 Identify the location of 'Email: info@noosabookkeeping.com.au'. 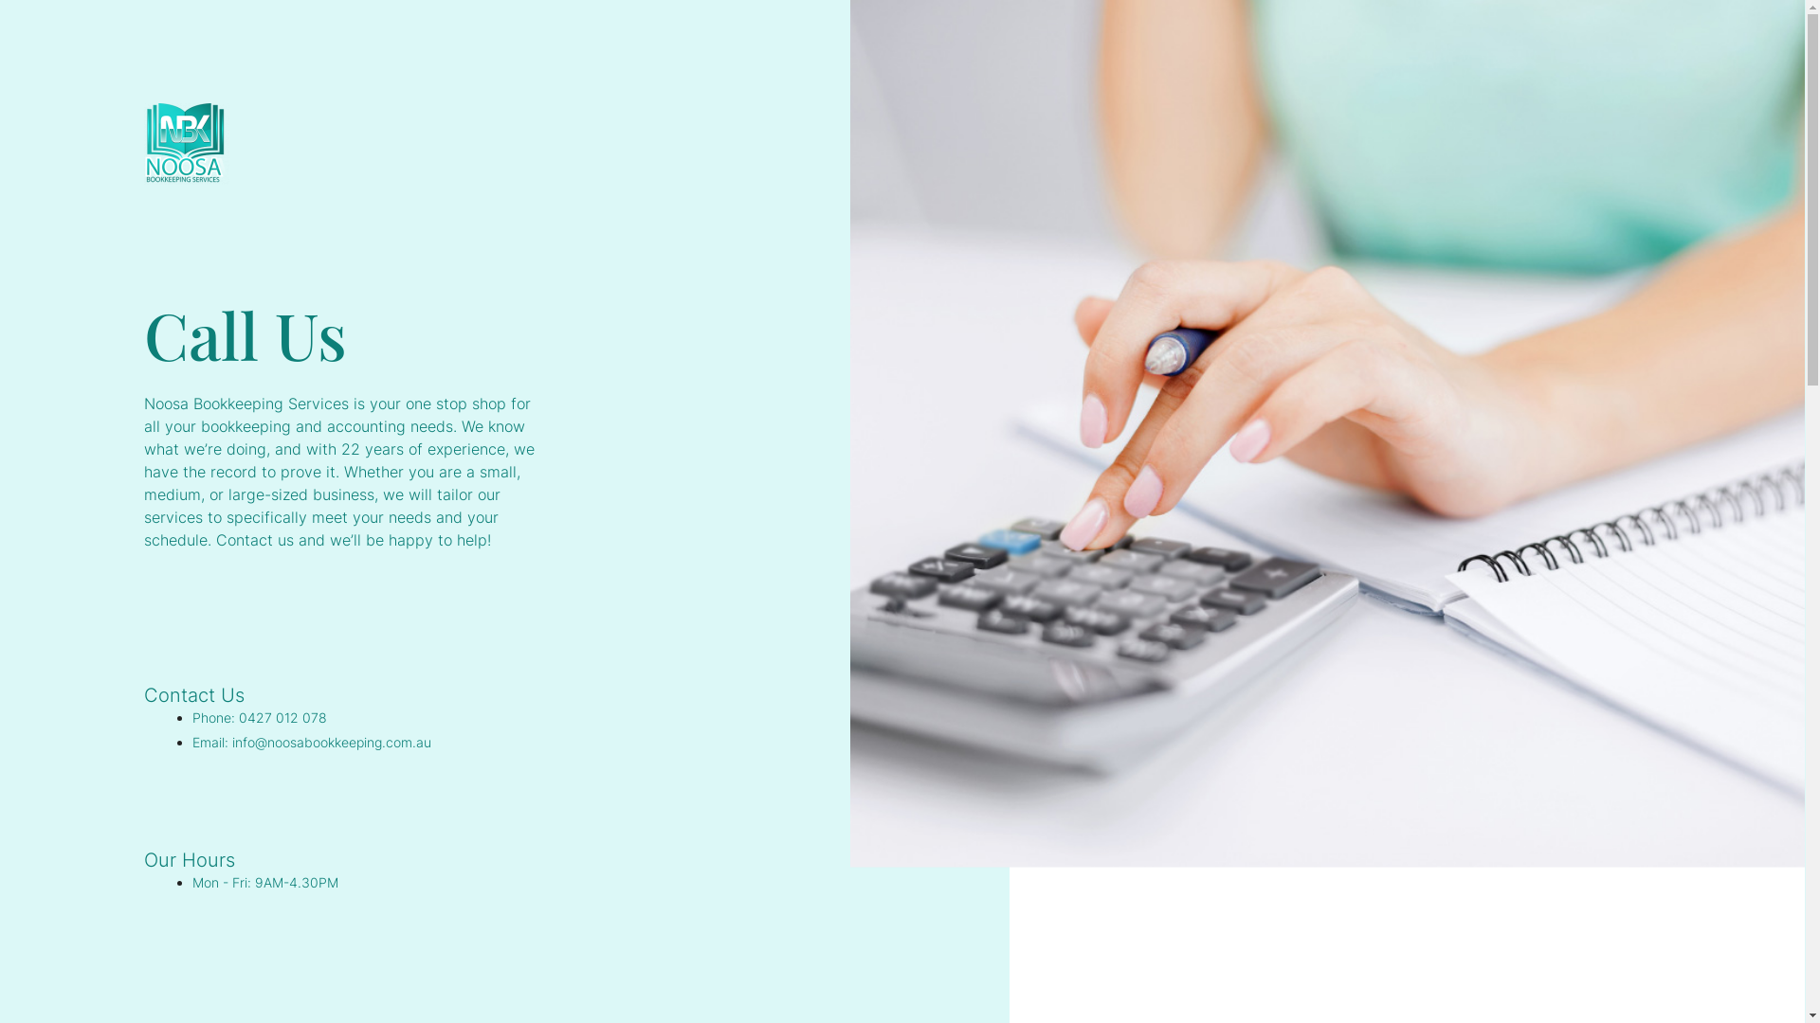
(312, 741).